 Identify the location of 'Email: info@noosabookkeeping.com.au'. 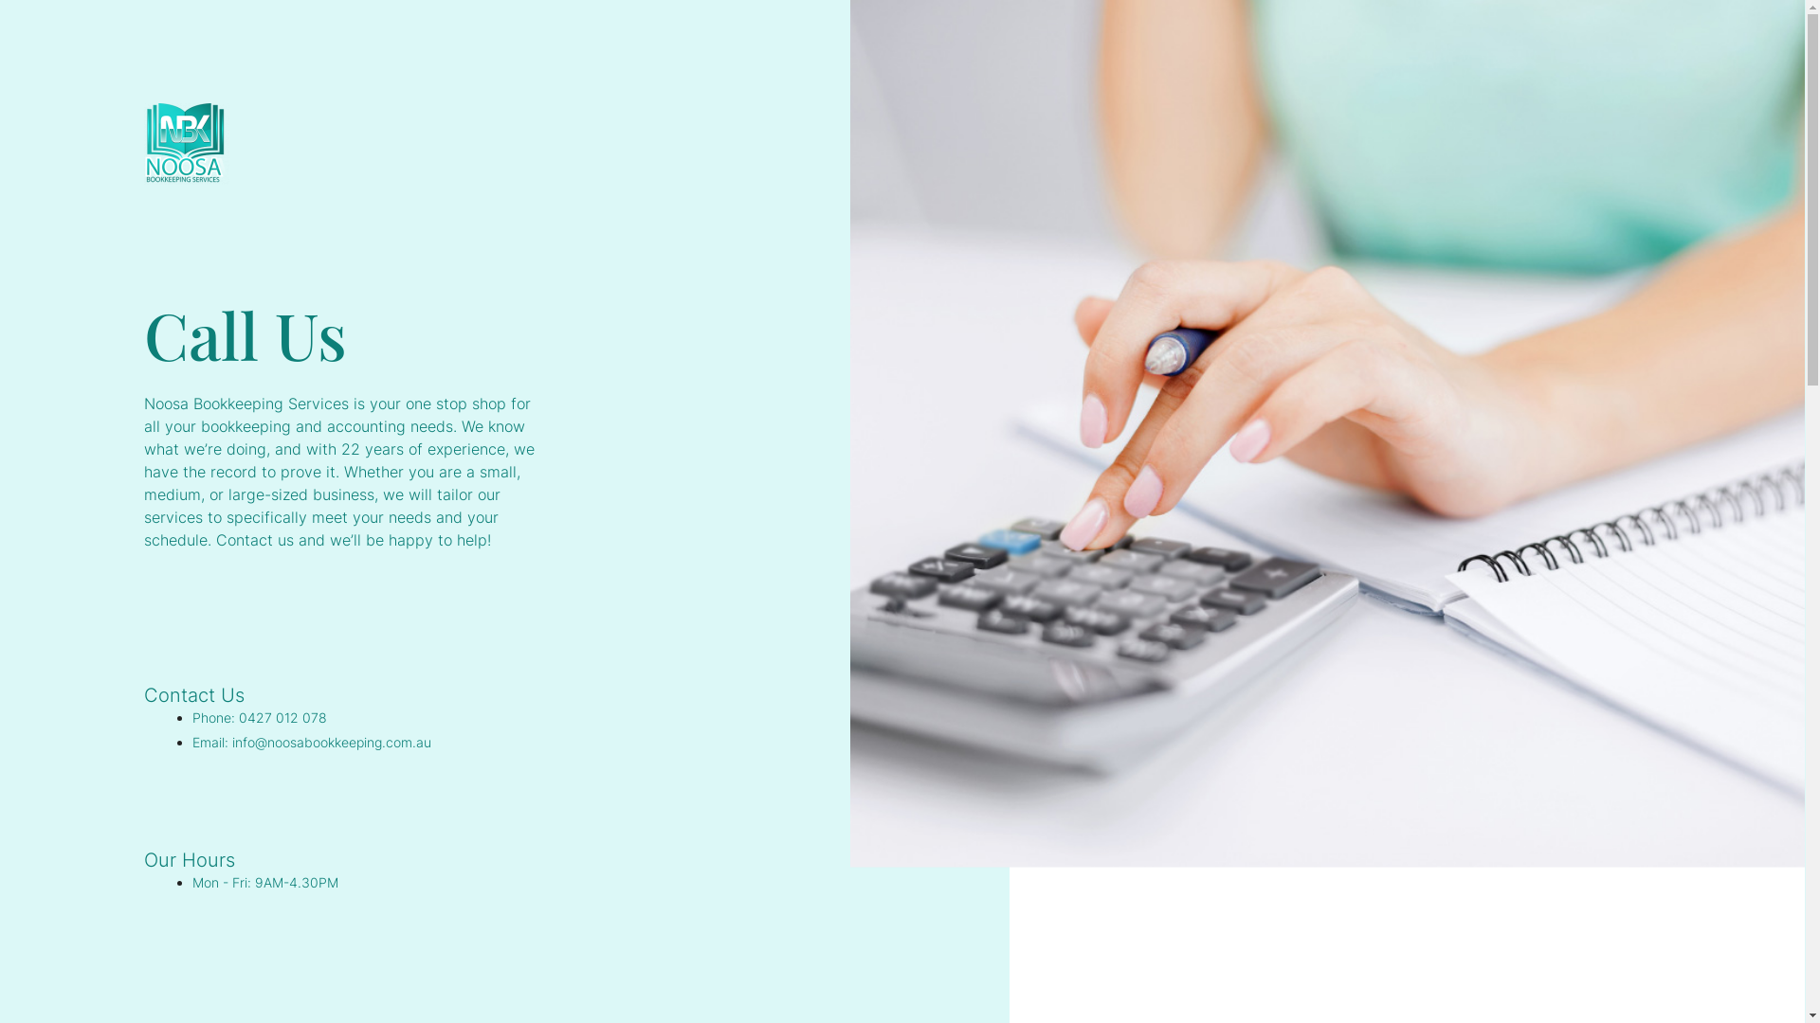
(312, 741).